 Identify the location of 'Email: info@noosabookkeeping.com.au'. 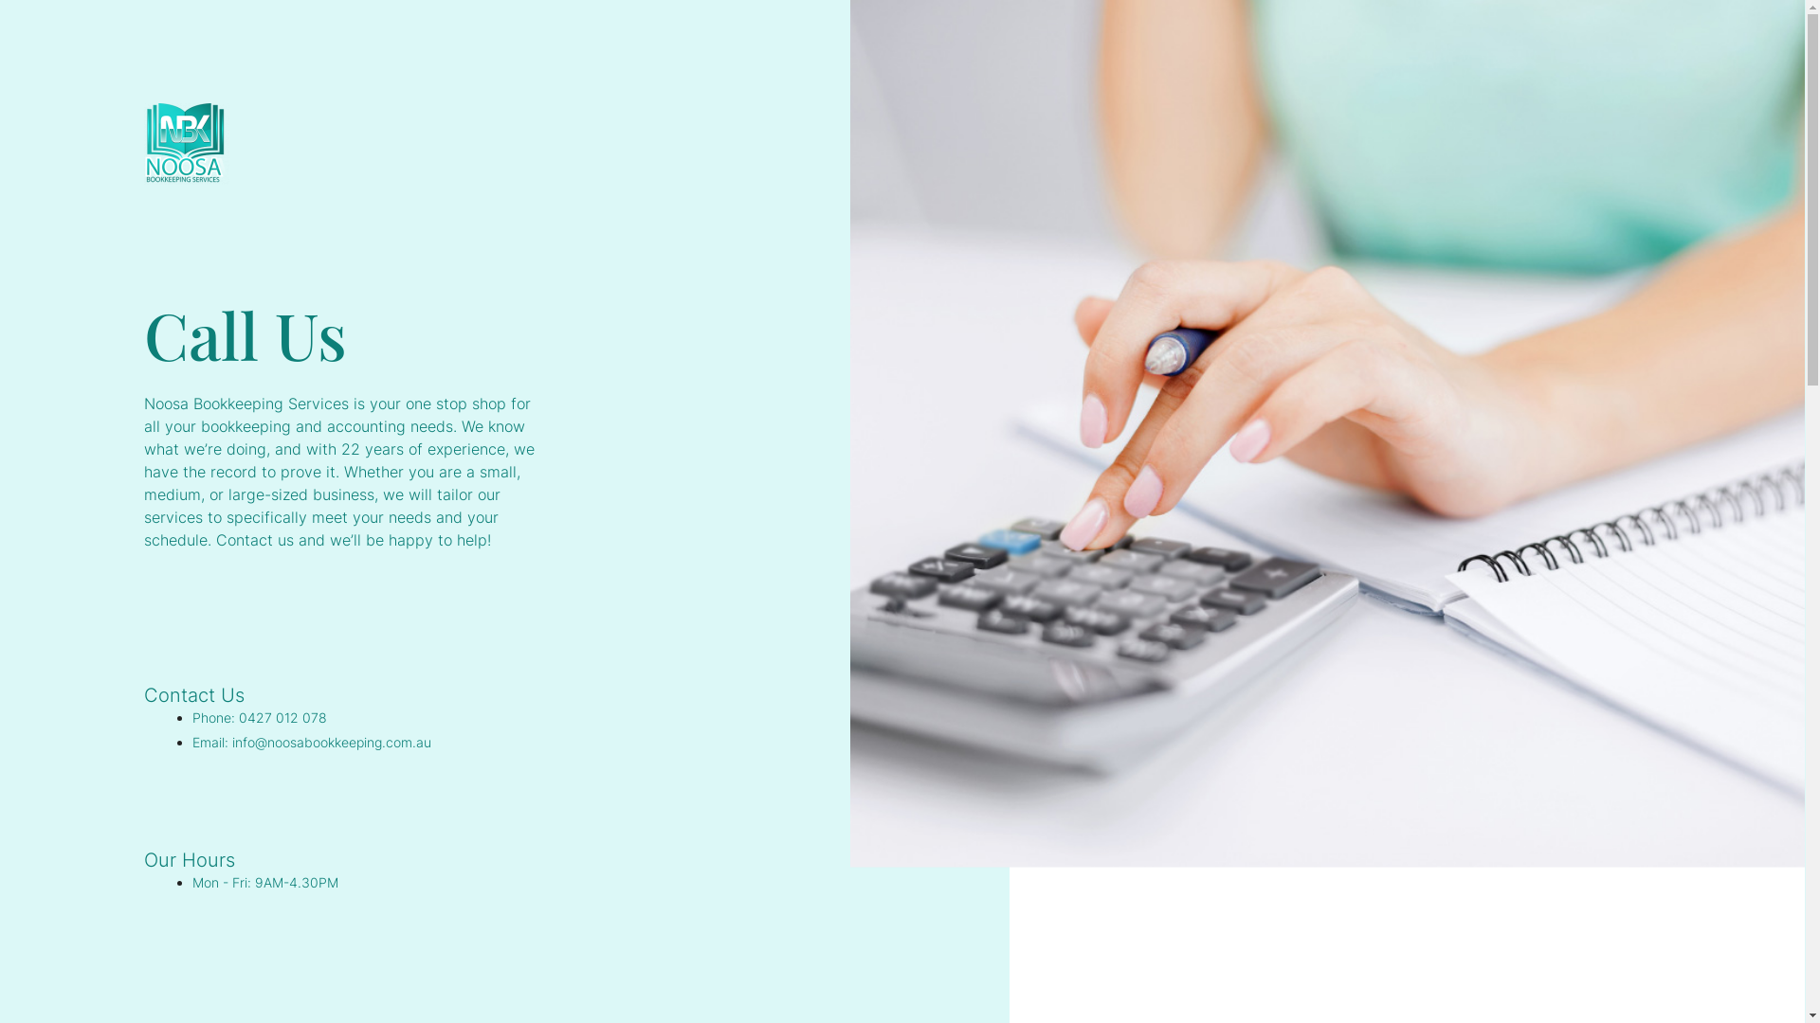
(312, 741).